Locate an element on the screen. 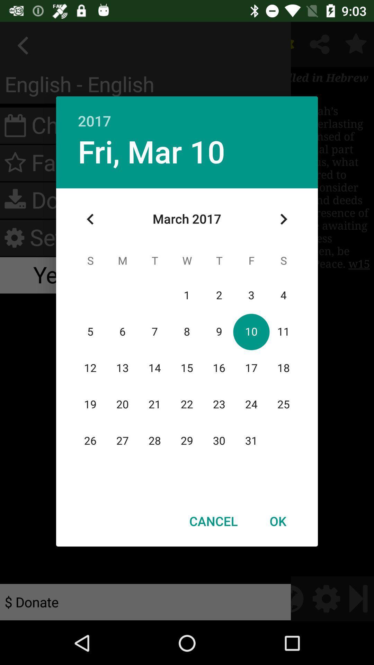 This screenshot has height=665, width=374. icon next to the ok icon is located at coordinates (213, 521).